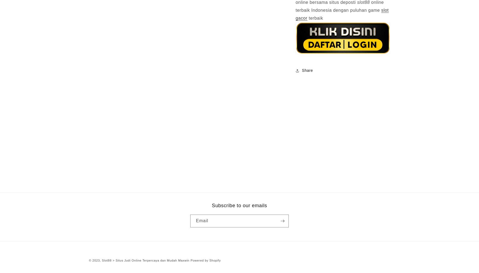 The width and height of the screenshot is (479, 273). Describe the element at coordinates (301, 88) in the screenshot. I see `'Link'` at that location.